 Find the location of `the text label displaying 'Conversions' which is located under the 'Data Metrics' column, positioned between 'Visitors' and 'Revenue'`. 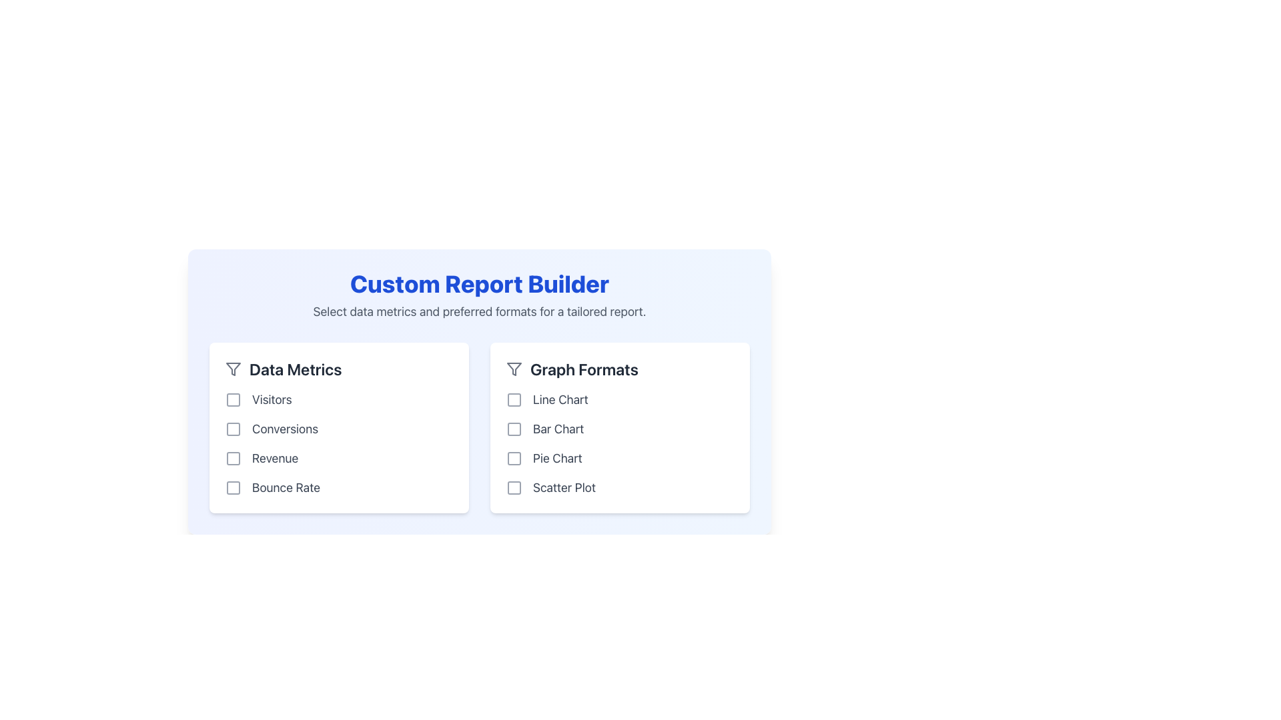

the text label displaying 'Conversions' which is located under the 'Data Metrics' column, positioned between 'Visitors' and 'Revenue' is located at coordinates (284, 429).